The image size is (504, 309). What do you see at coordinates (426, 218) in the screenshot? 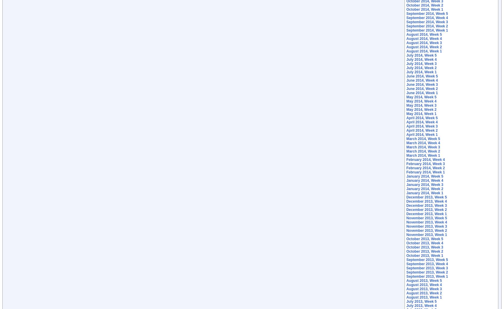
I see `'November 2013, Week 5'` at bounding box center [426, 218].